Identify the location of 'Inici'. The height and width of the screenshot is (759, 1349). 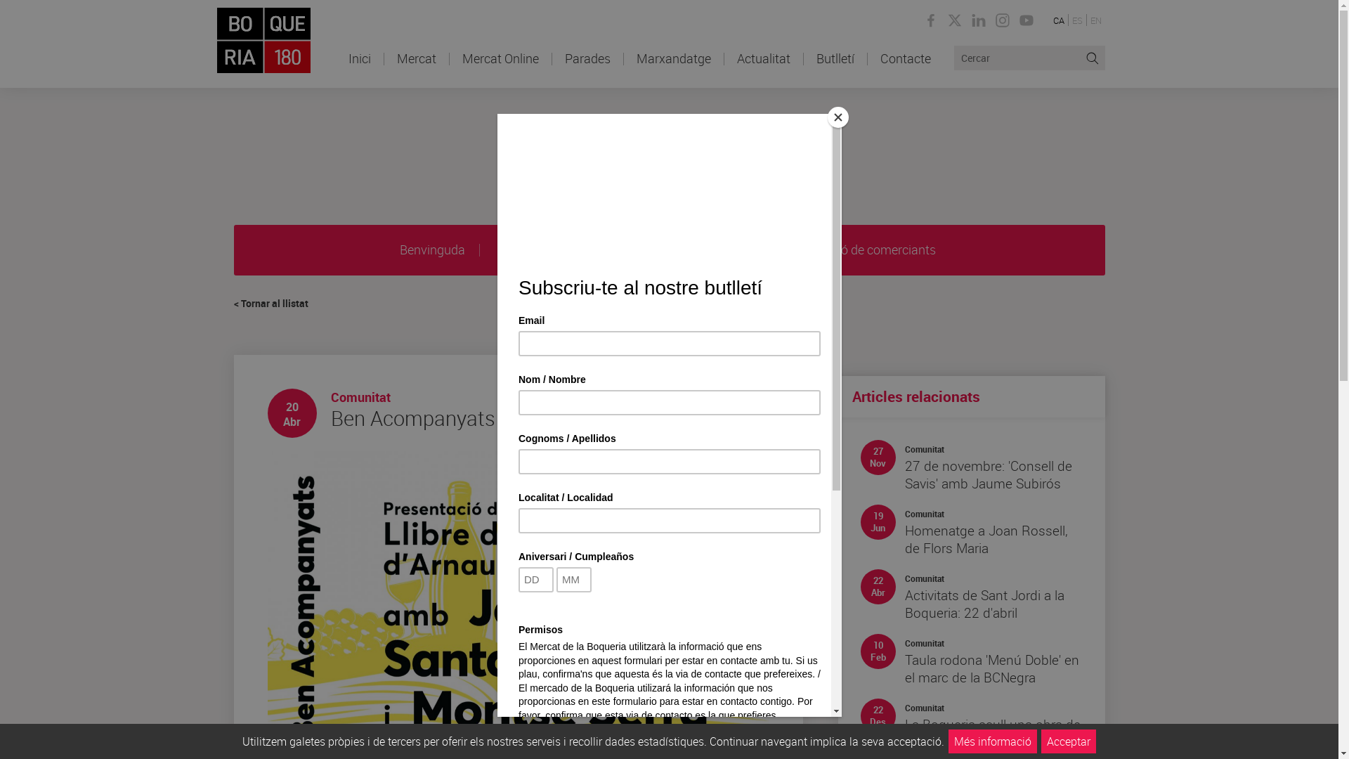
(360, 70).